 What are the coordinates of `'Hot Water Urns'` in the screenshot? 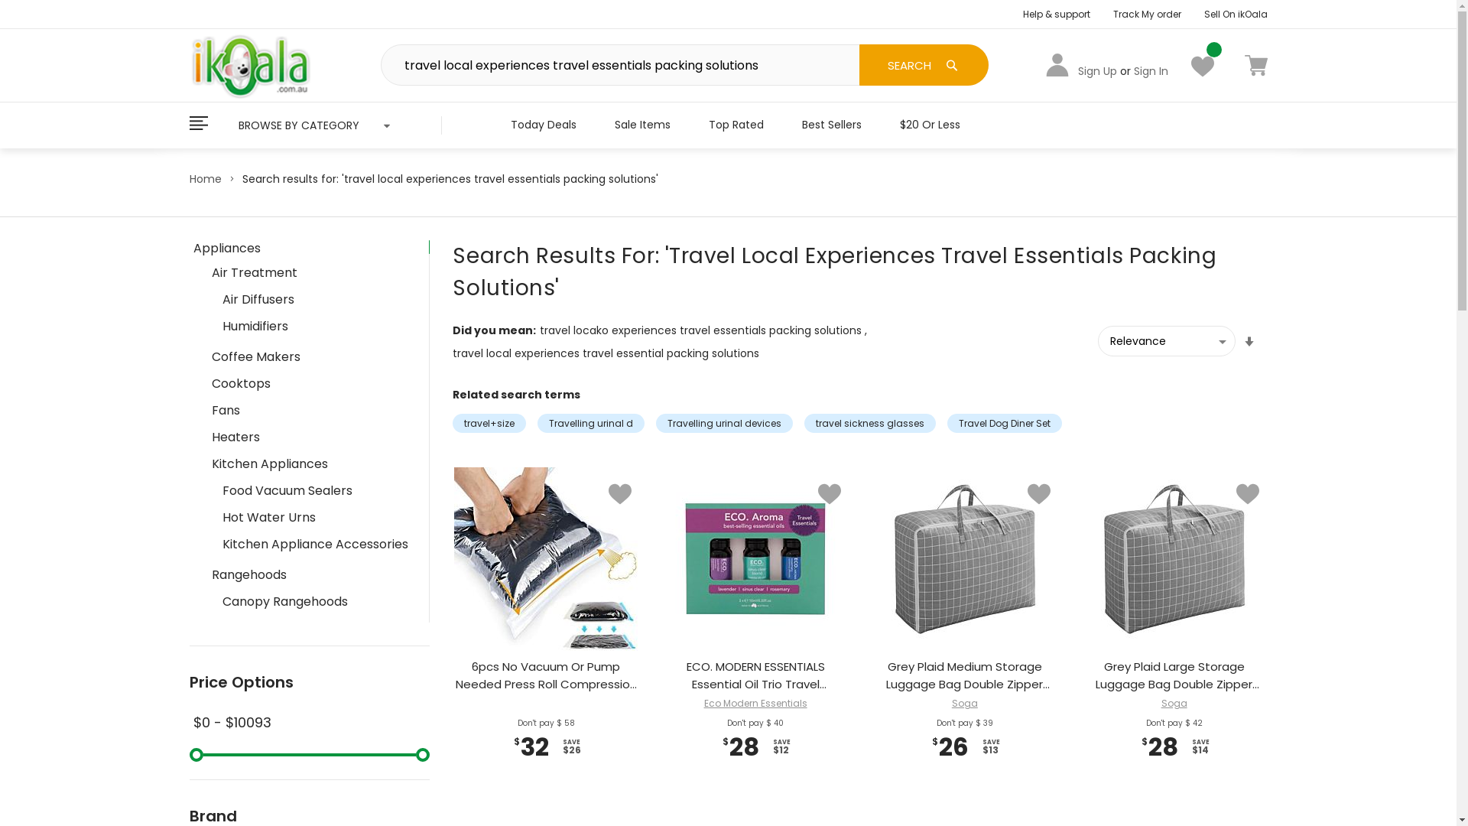 It's located at (314, 516).